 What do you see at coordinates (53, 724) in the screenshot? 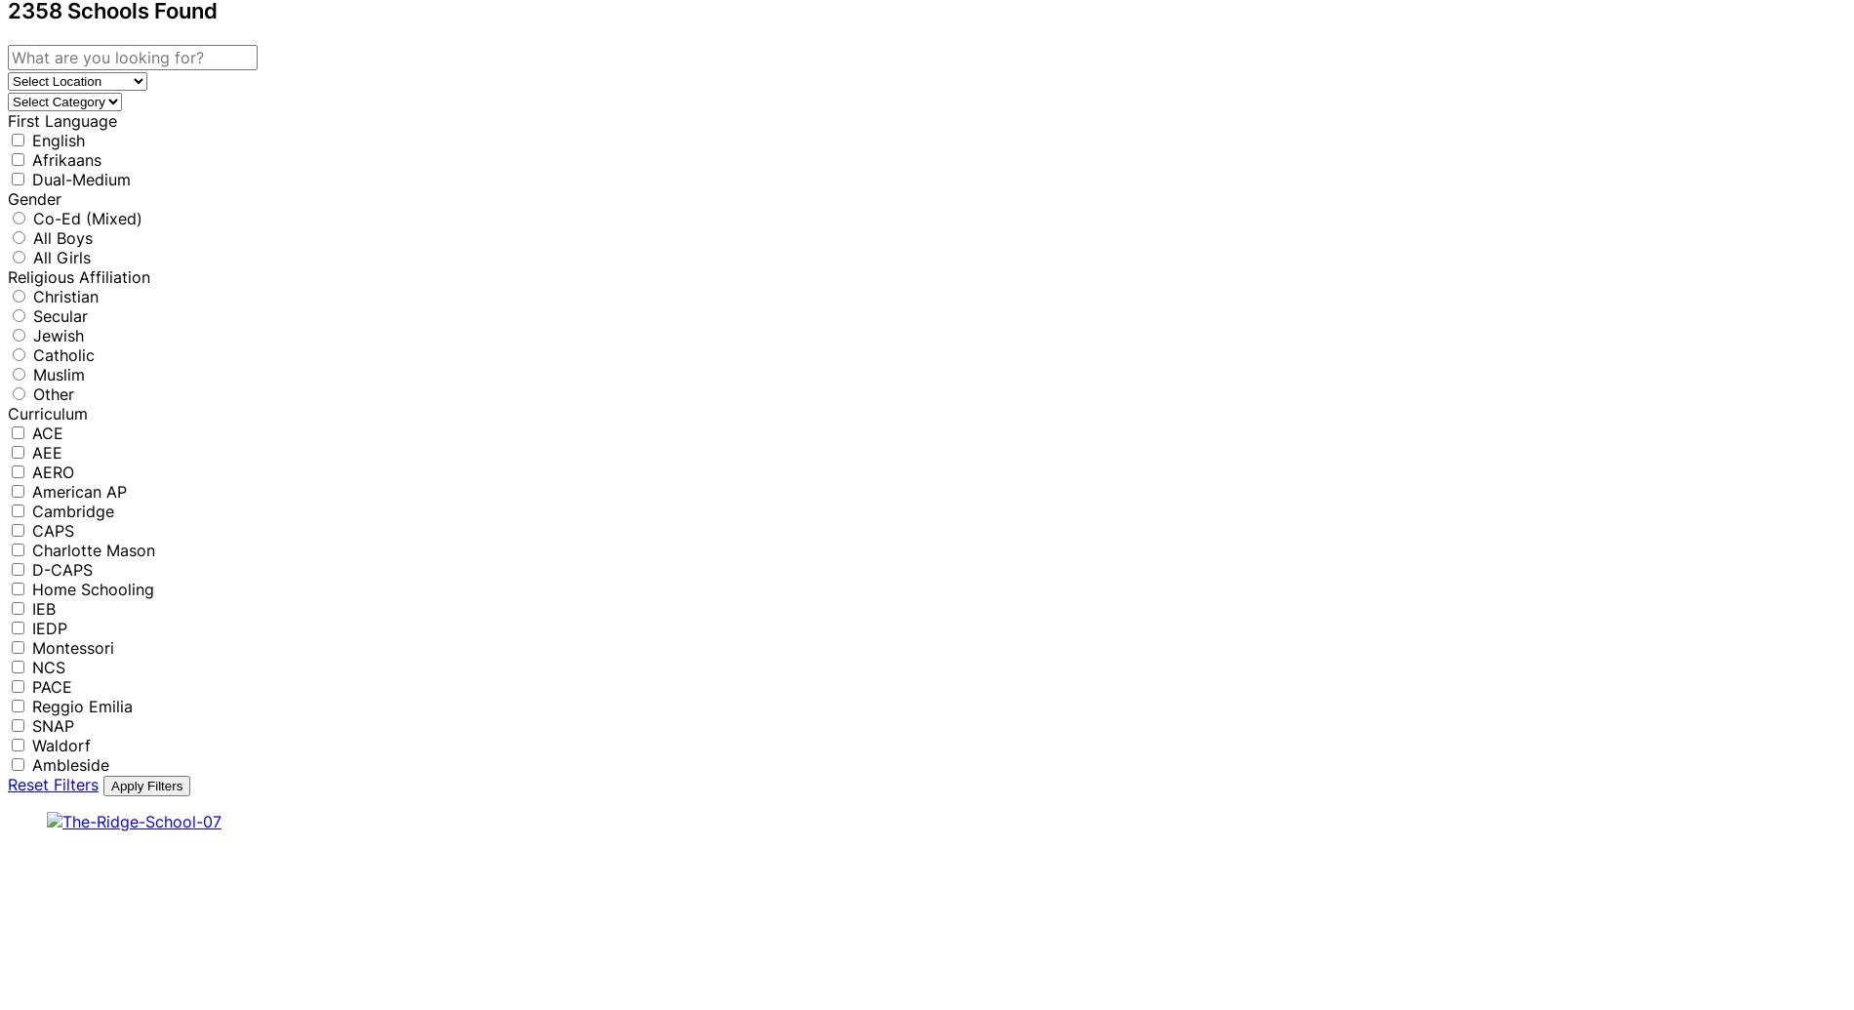
I see `'SNAP'` at bounding box center [53, 724].